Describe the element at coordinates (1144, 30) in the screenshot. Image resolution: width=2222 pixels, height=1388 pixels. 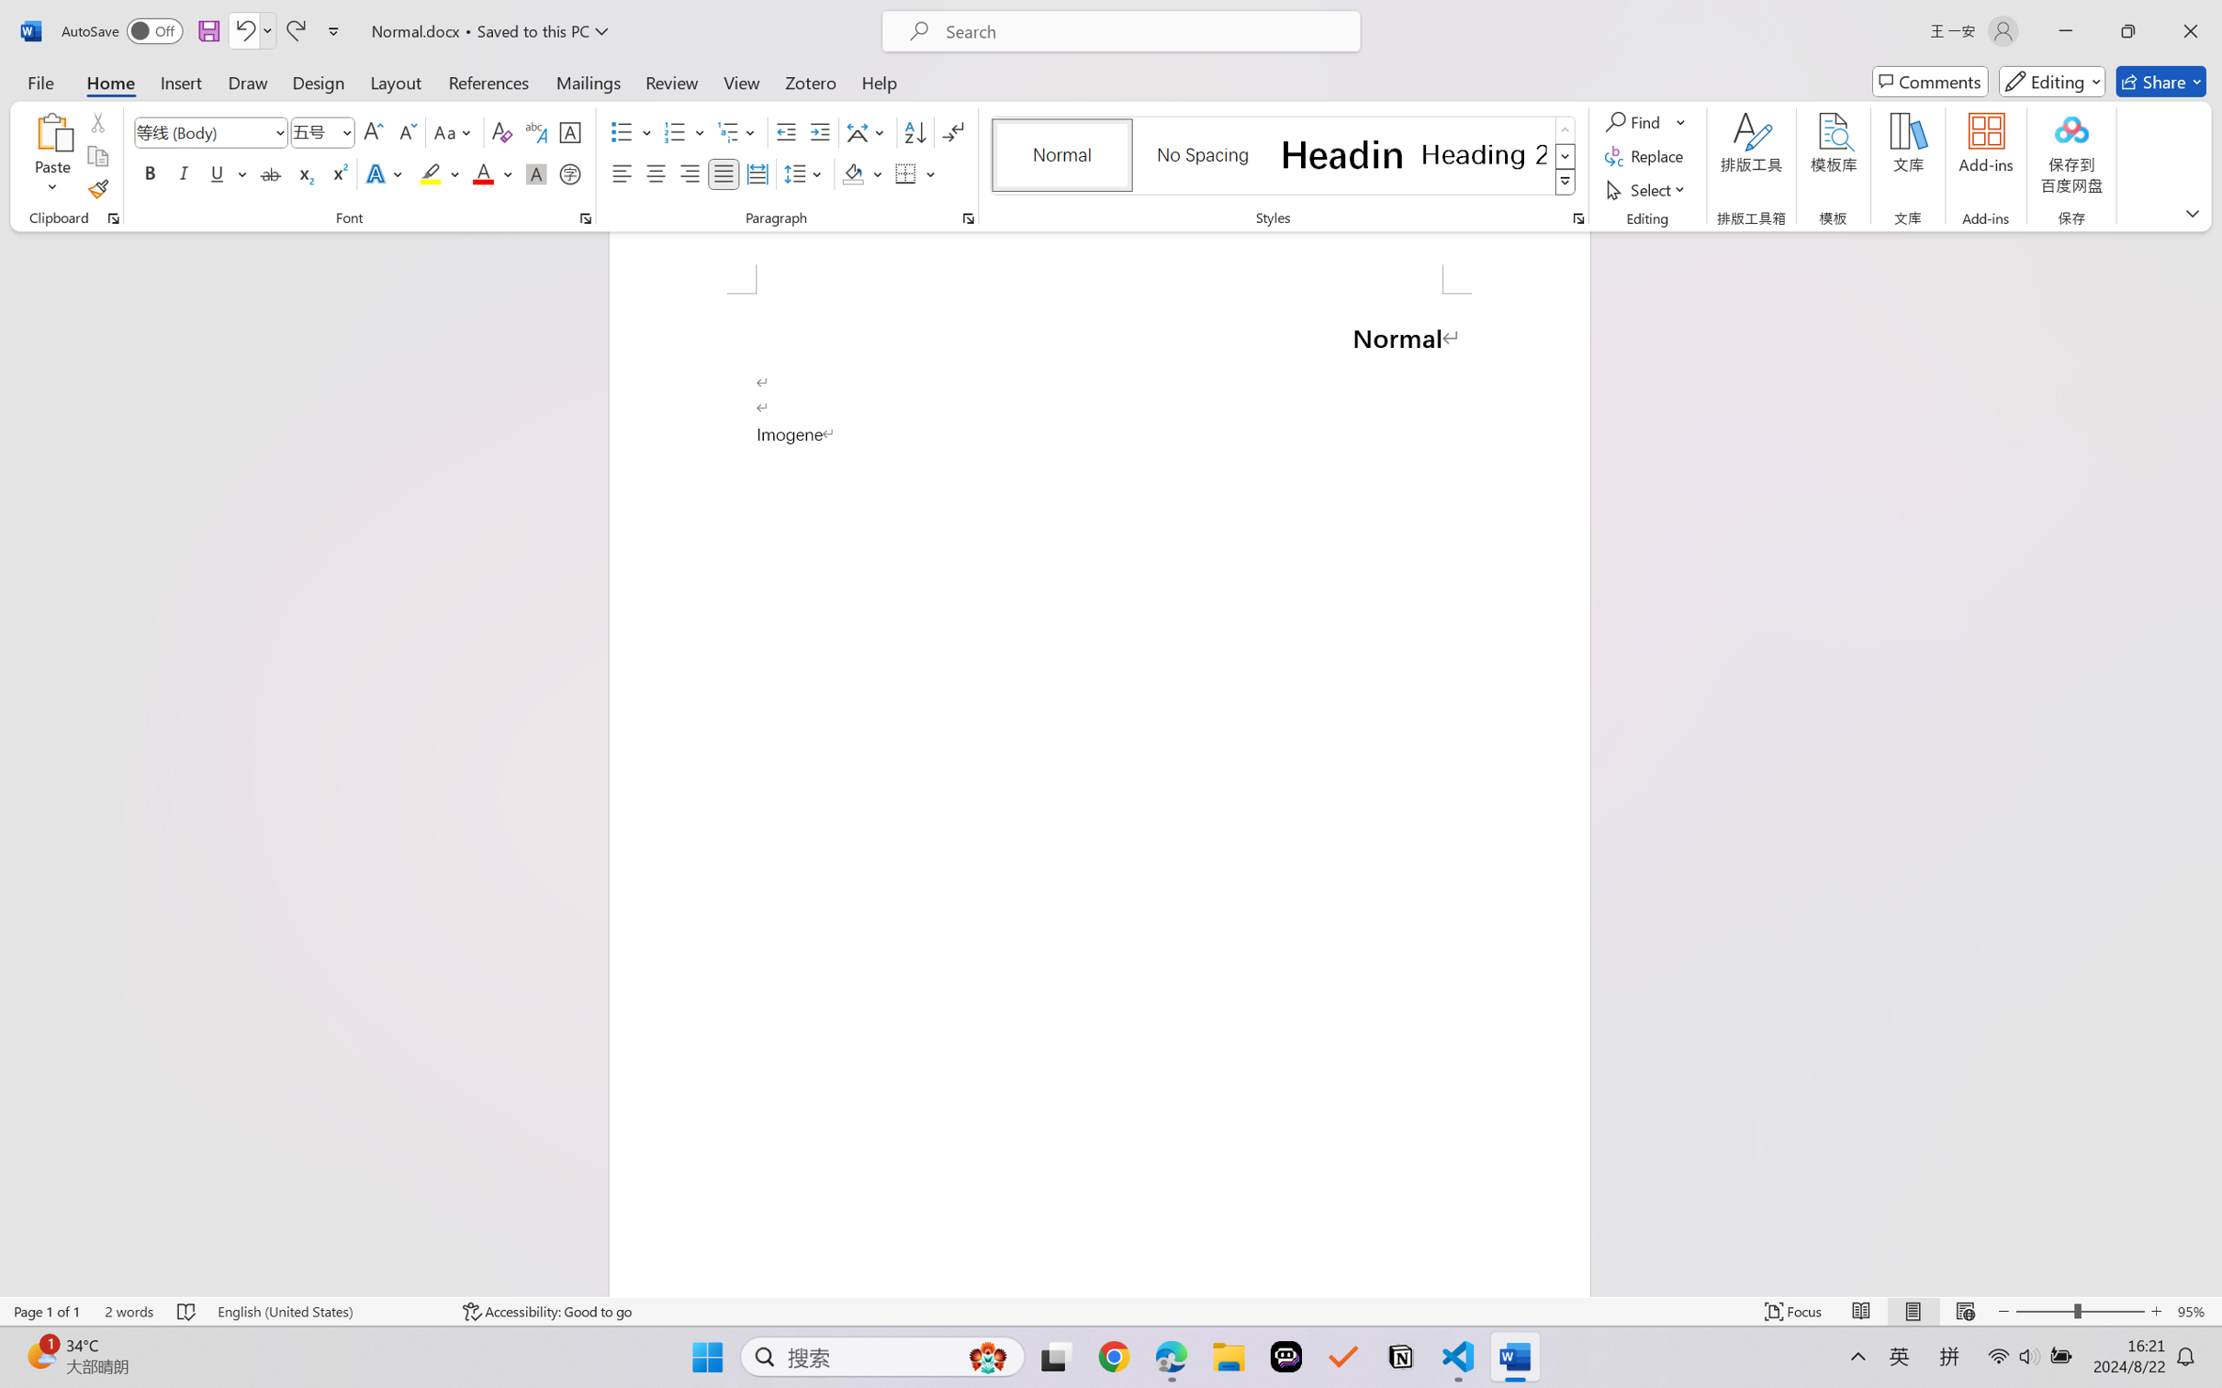
I see `'Microsoft search'` at that location.